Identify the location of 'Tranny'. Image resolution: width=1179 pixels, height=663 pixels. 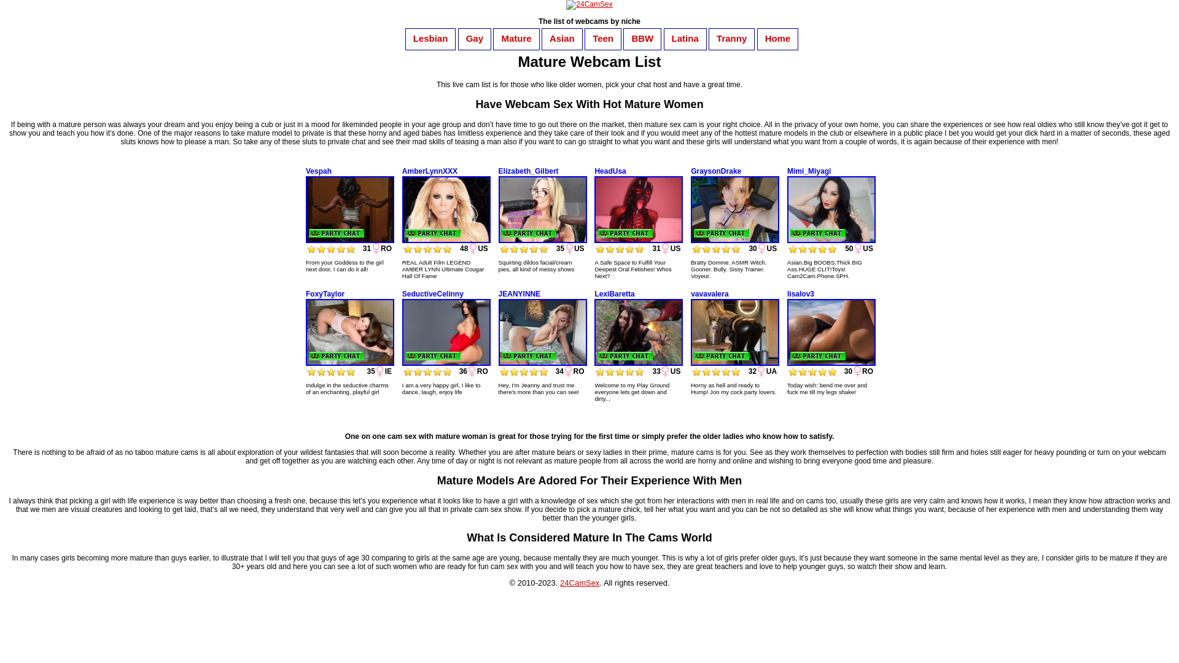
(709, 37).